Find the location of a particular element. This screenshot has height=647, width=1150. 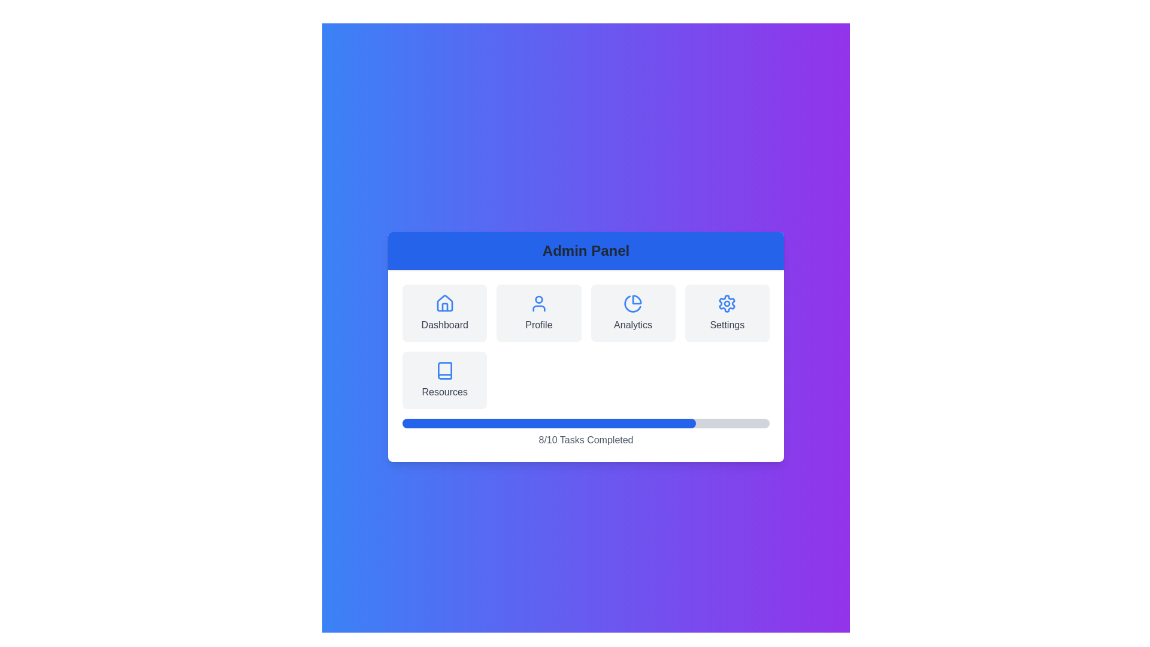

the menu option Profile to observe its hover effect is located at coordinates (538, 313).